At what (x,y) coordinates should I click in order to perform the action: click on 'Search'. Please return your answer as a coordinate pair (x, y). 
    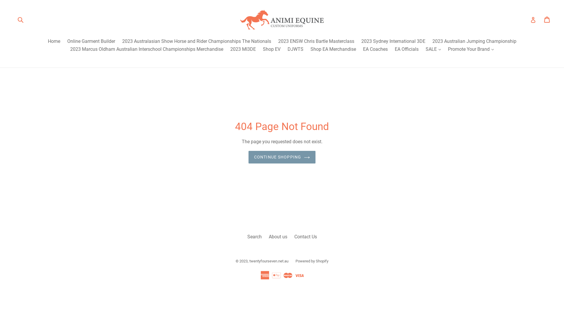
    Looking at the image, I should click on (254, 236).